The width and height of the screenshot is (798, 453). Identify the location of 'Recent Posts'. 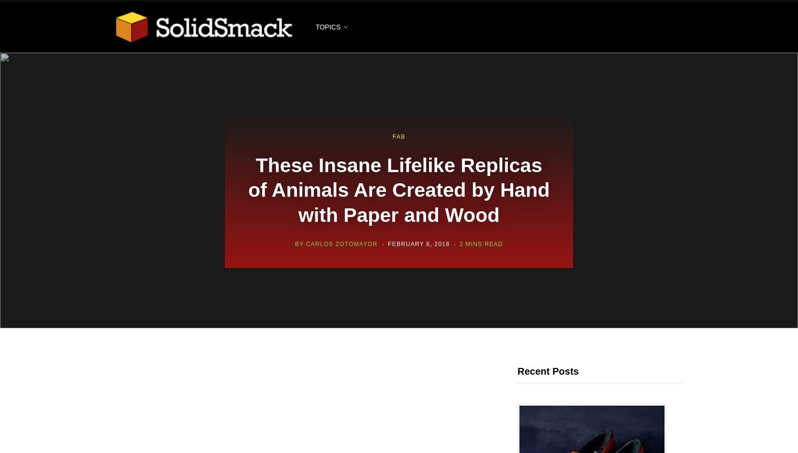
(548, 371).